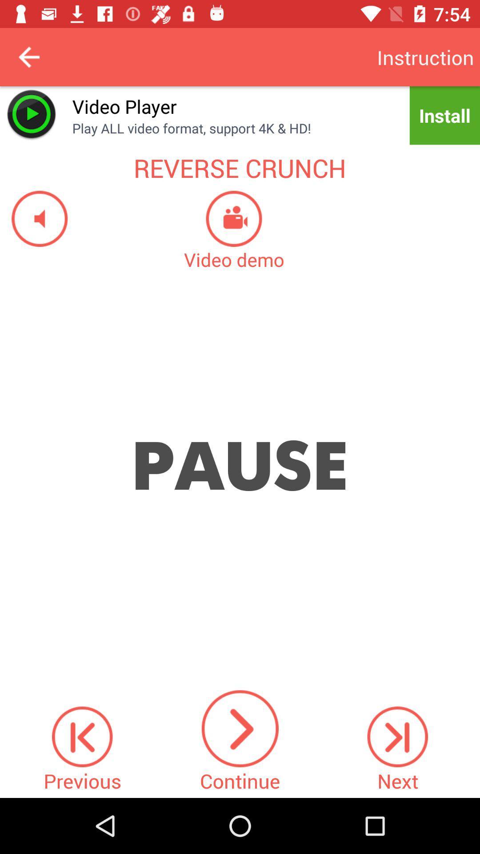 The width and height of the screenshot is (480, 854). I want to click on go back, so click(28, 56).